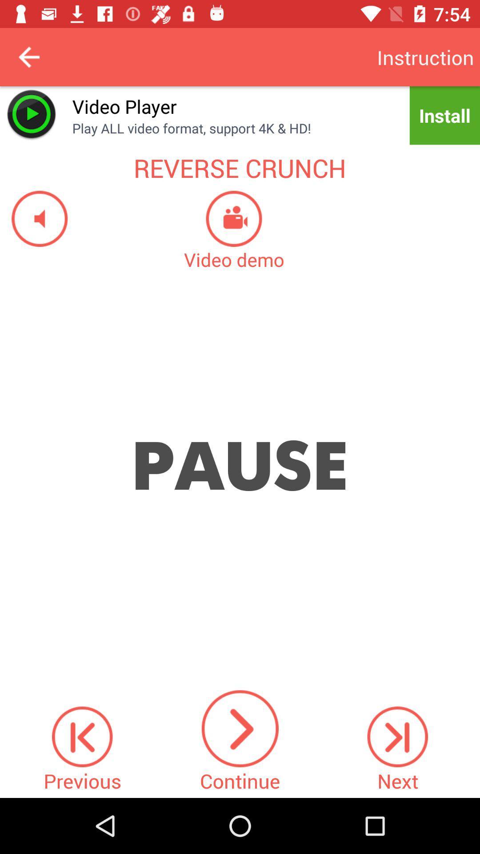 The width and height of the screenshot is (480, 854). I want to click on go back, so click(28, 56).